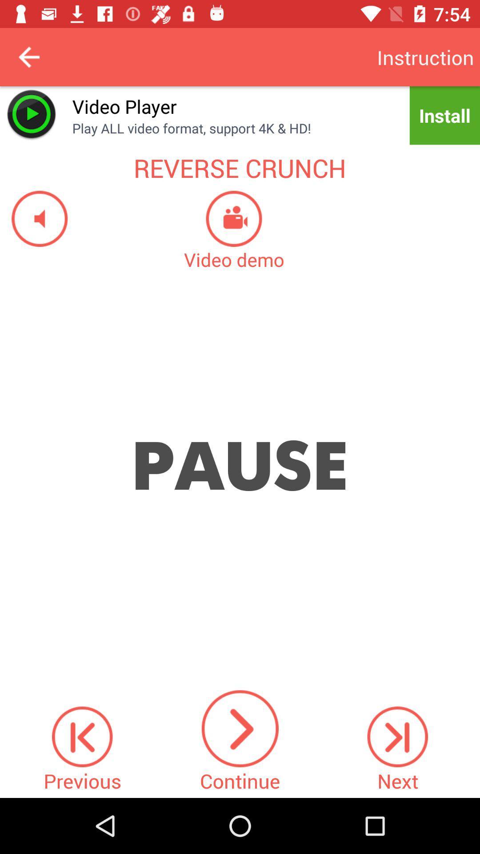 The width and height of the screenshot is (480, 854). I want to click on go back, so click(28, 56).